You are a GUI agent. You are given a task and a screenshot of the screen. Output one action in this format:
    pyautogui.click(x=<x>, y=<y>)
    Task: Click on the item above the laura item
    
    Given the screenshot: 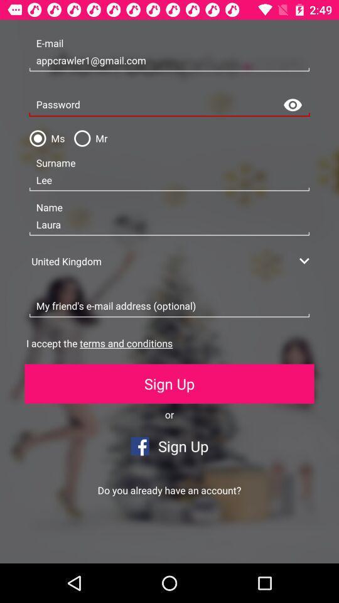 What is the action you would take?
    pyautogui.click(x=169, y=180)
    